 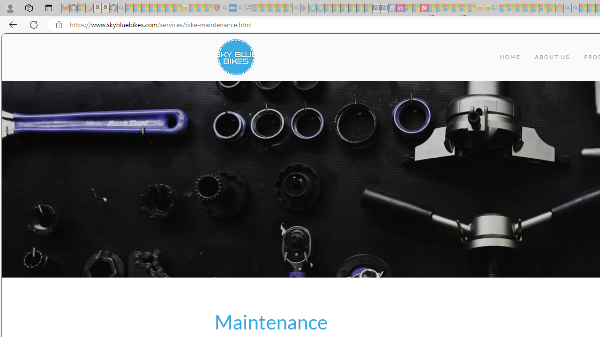 I want to click on 'Utah sues federal government - Search - Sleeping', so click(x=575, y=8).